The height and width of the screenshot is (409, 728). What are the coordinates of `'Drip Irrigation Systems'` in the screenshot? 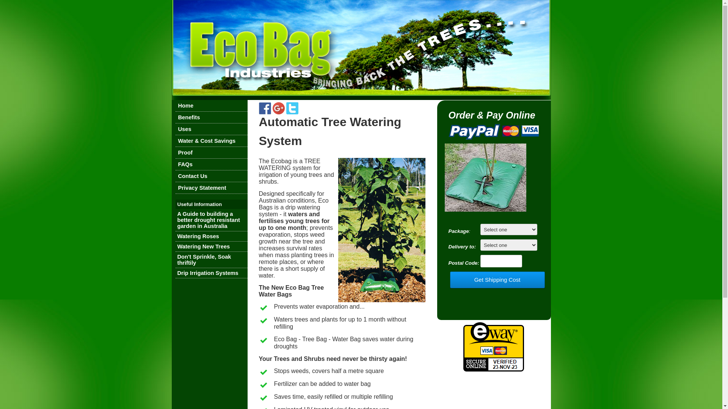 It's located at (177, 273).